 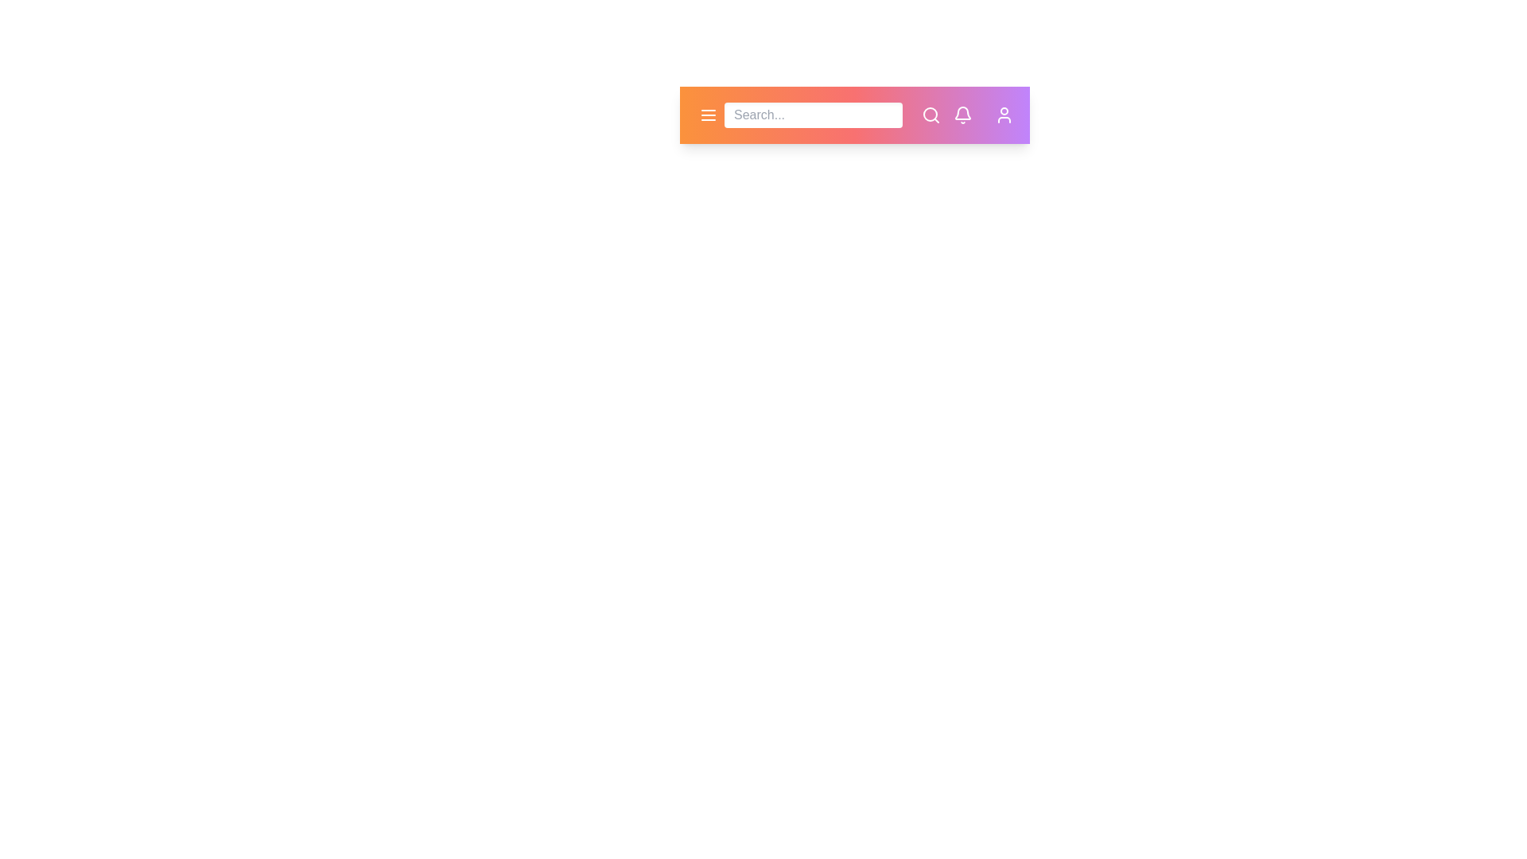 I want to click on the user profile icon, so click(x=1003, y=115).